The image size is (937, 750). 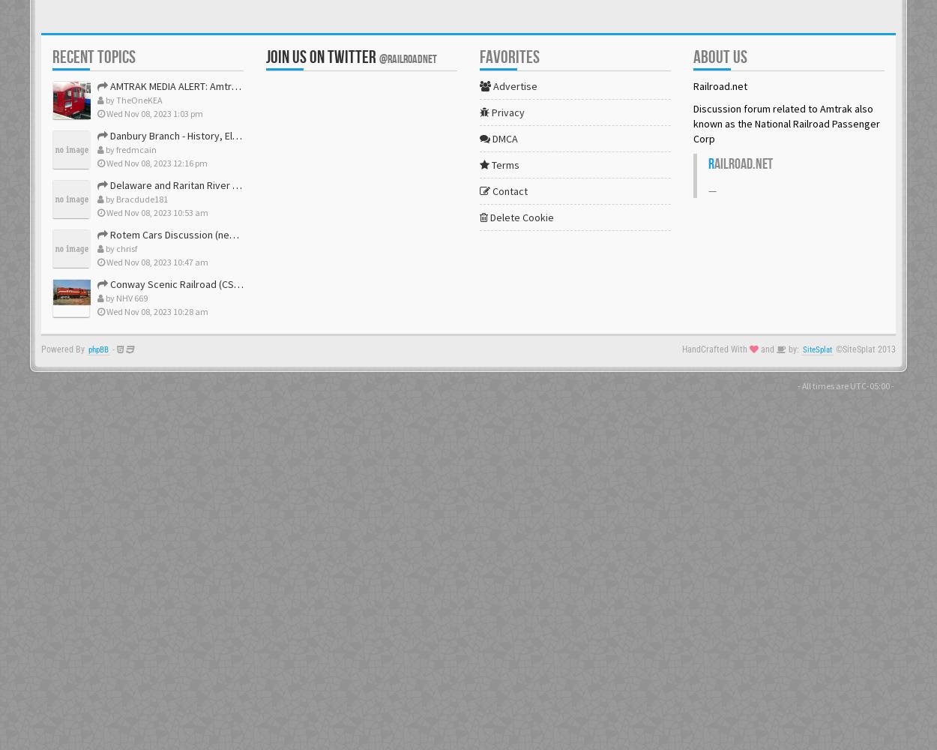 What do you see at coordinates (504, 164) in the screenshot?
I see `'Terms'` at bounding box center [504, 164].